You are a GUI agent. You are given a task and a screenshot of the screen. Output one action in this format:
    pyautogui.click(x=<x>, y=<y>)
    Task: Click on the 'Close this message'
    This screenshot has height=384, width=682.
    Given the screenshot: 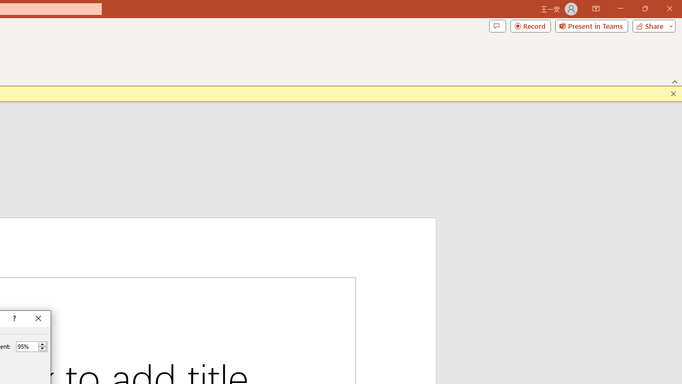 What is the action you would take?
    pyautogui.click(x=673, y=93)
    